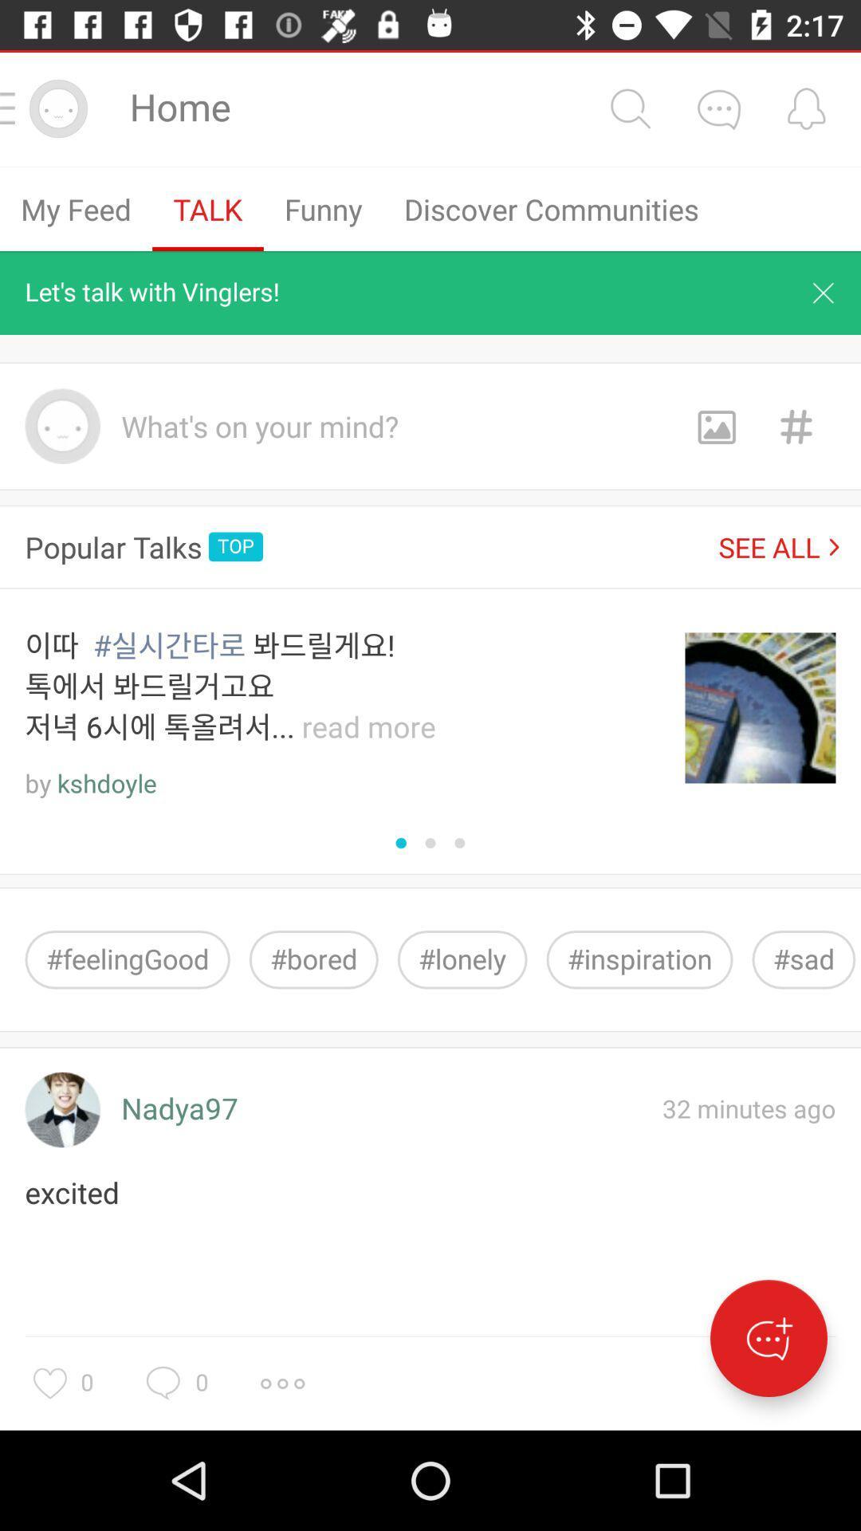 The height and width of the screenshot is (1531, 861). I want to click on switch more details, so click(718, 108).